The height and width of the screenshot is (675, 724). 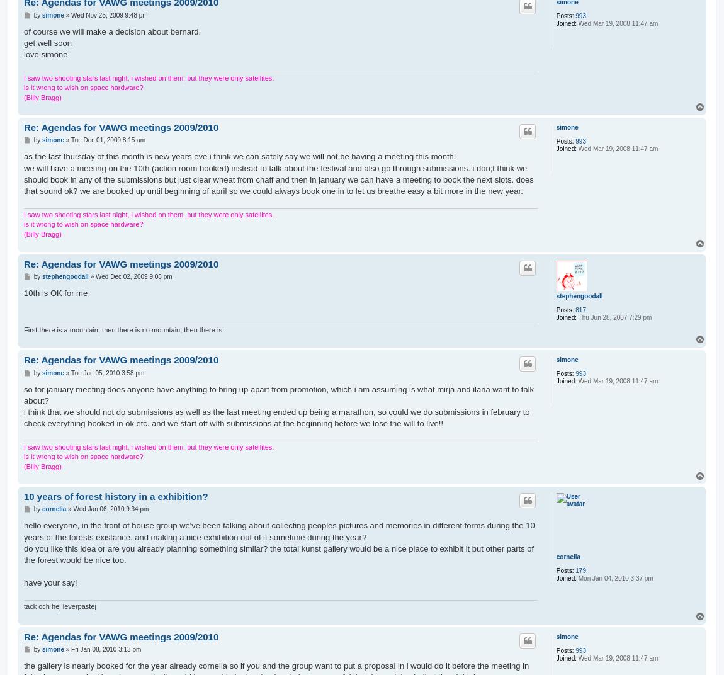 What do you see at coordinates (23, 30) in the screenshot?
I see `'of course we will make a decision about bernard.'` at bounding box center [23, 30].